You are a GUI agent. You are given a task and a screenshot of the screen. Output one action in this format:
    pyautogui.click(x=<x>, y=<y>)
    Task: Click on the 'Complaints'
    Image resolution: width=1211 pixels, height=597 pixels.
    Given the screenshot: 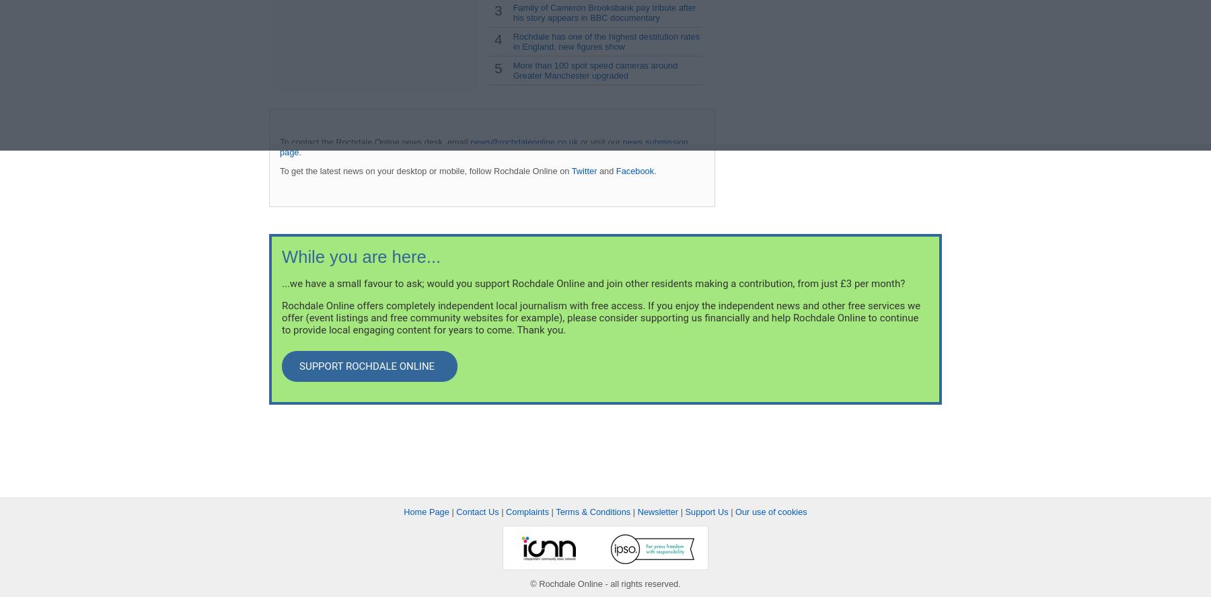 What is the action you would take?
    pyautogui.click(x=527, y=511)
    